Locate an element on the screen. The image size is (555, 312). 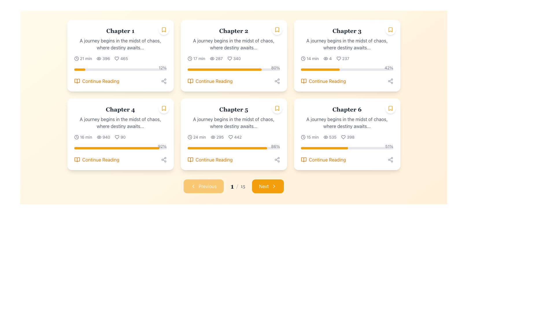
the bookmark icon located in the top-right corner of the card labeled 'Chapter 5' is located at coordinates (277, 108).